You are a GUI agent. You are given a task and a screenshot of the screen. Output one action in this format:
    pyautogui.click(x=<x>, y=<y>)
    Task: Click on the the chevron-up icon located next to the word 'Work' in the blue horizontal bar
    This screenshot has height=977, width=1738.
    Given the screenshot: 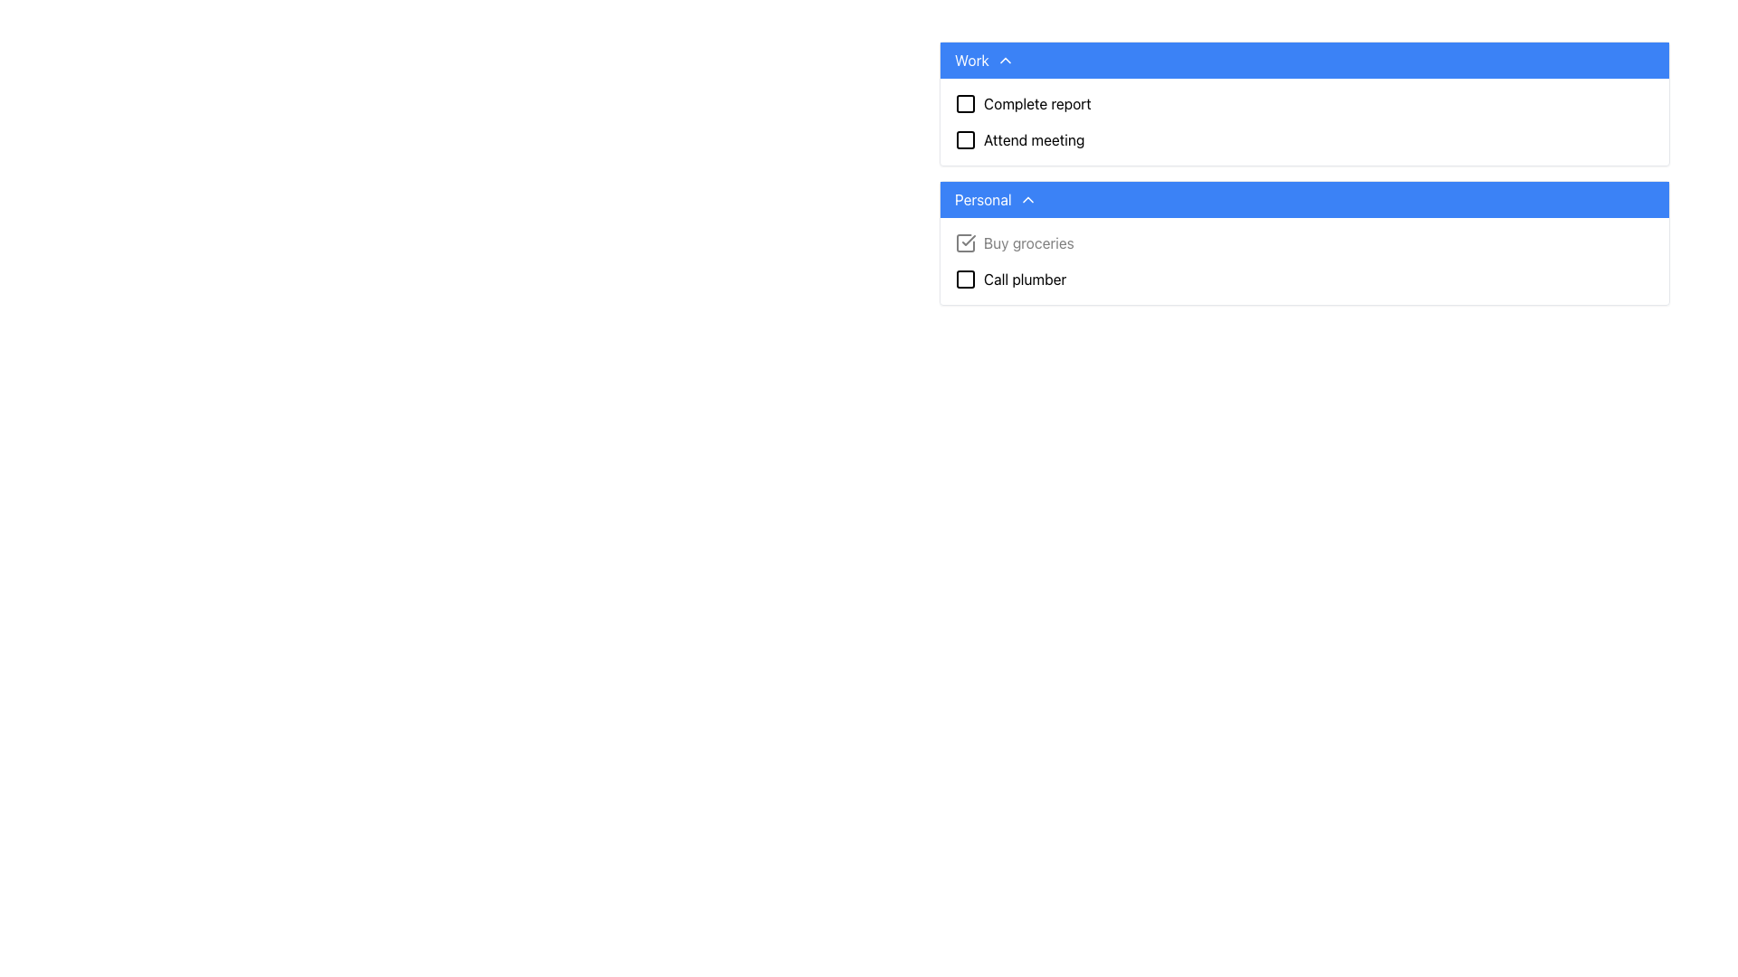 What is the action you would take?
    pyautogui.click(x=1004, y=59)
    